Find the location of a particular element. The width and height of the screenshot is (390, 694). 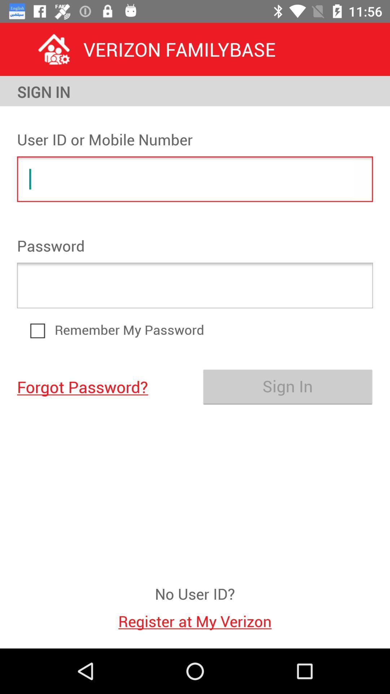

remember my password is located at coordinates (129, 329).